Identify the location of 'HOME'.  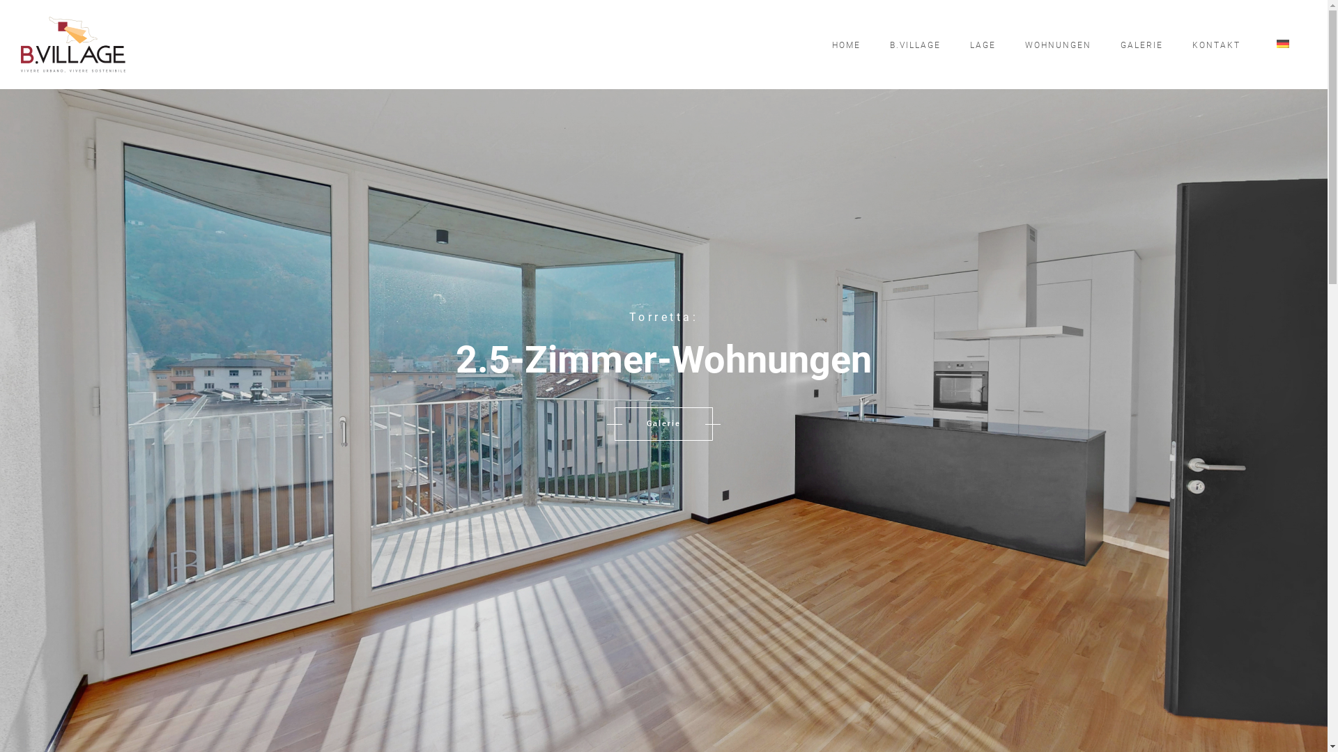
(845, 45).